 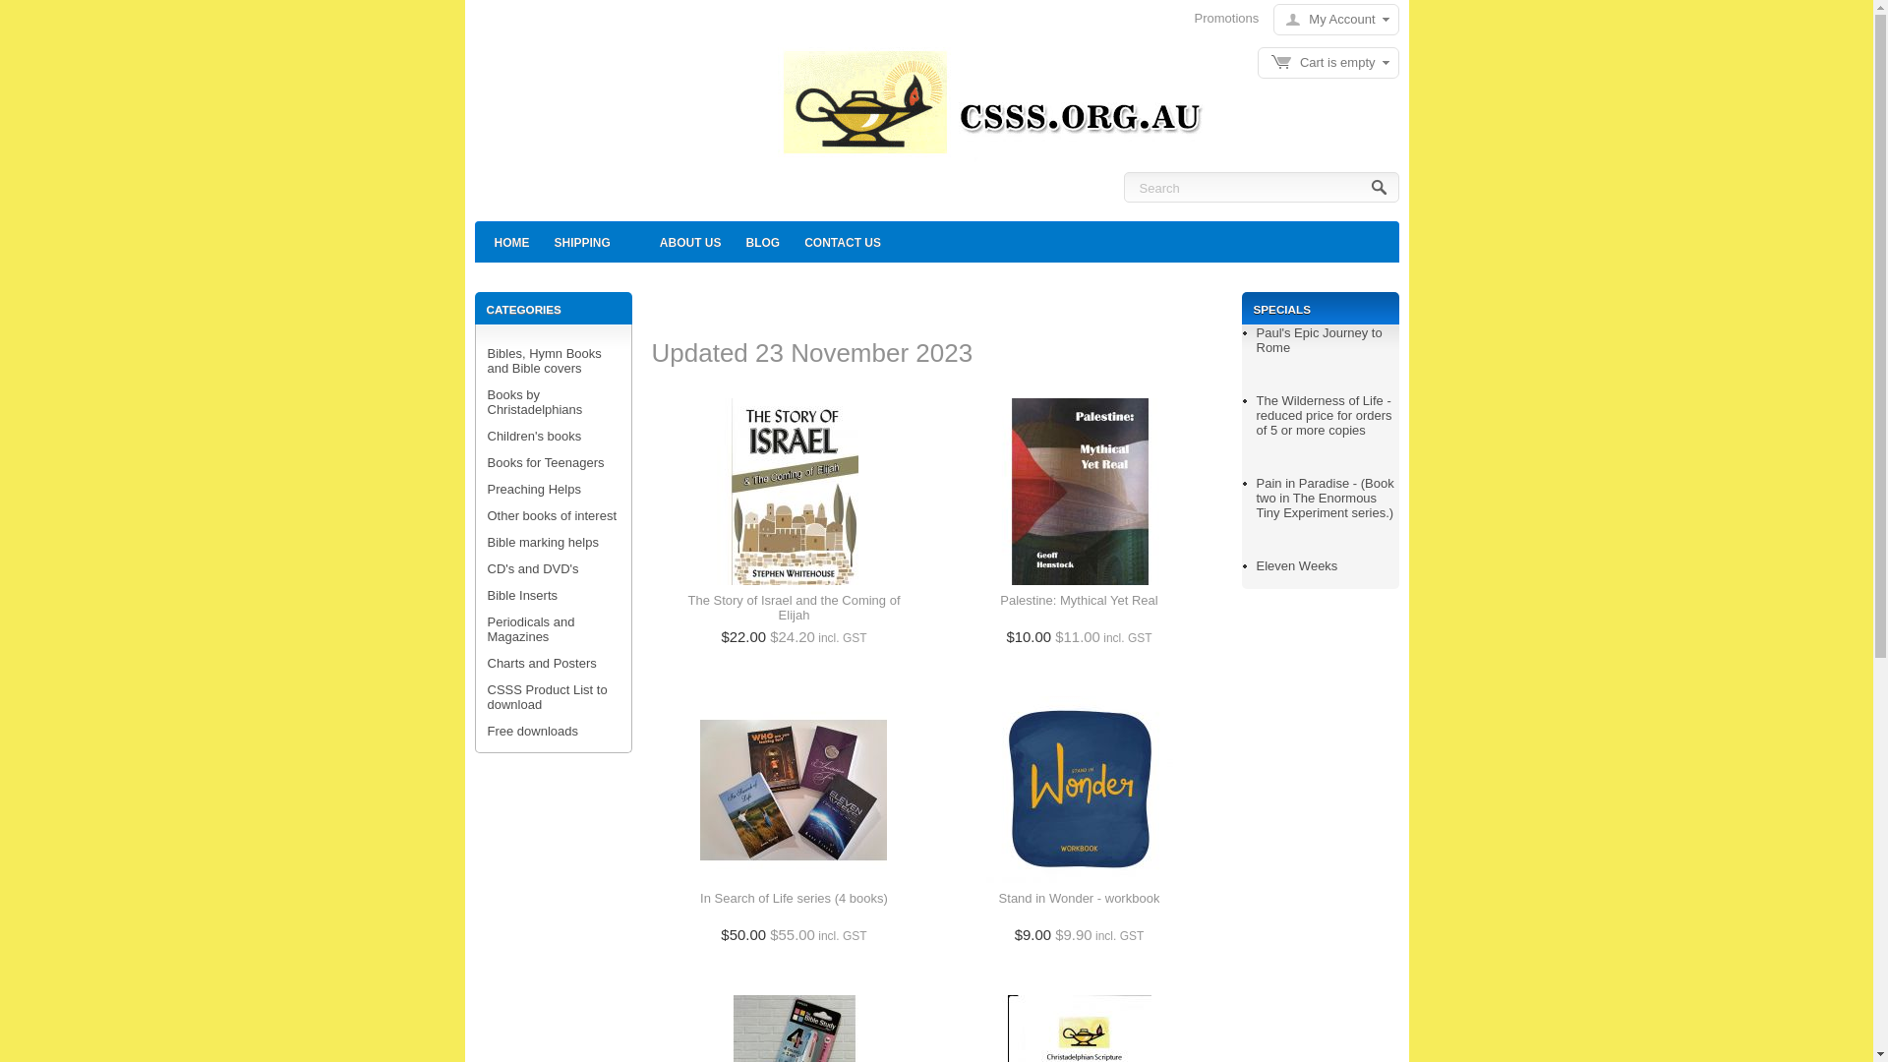 I want to click on 'Bible marking helps', so click(x=487, y=542).